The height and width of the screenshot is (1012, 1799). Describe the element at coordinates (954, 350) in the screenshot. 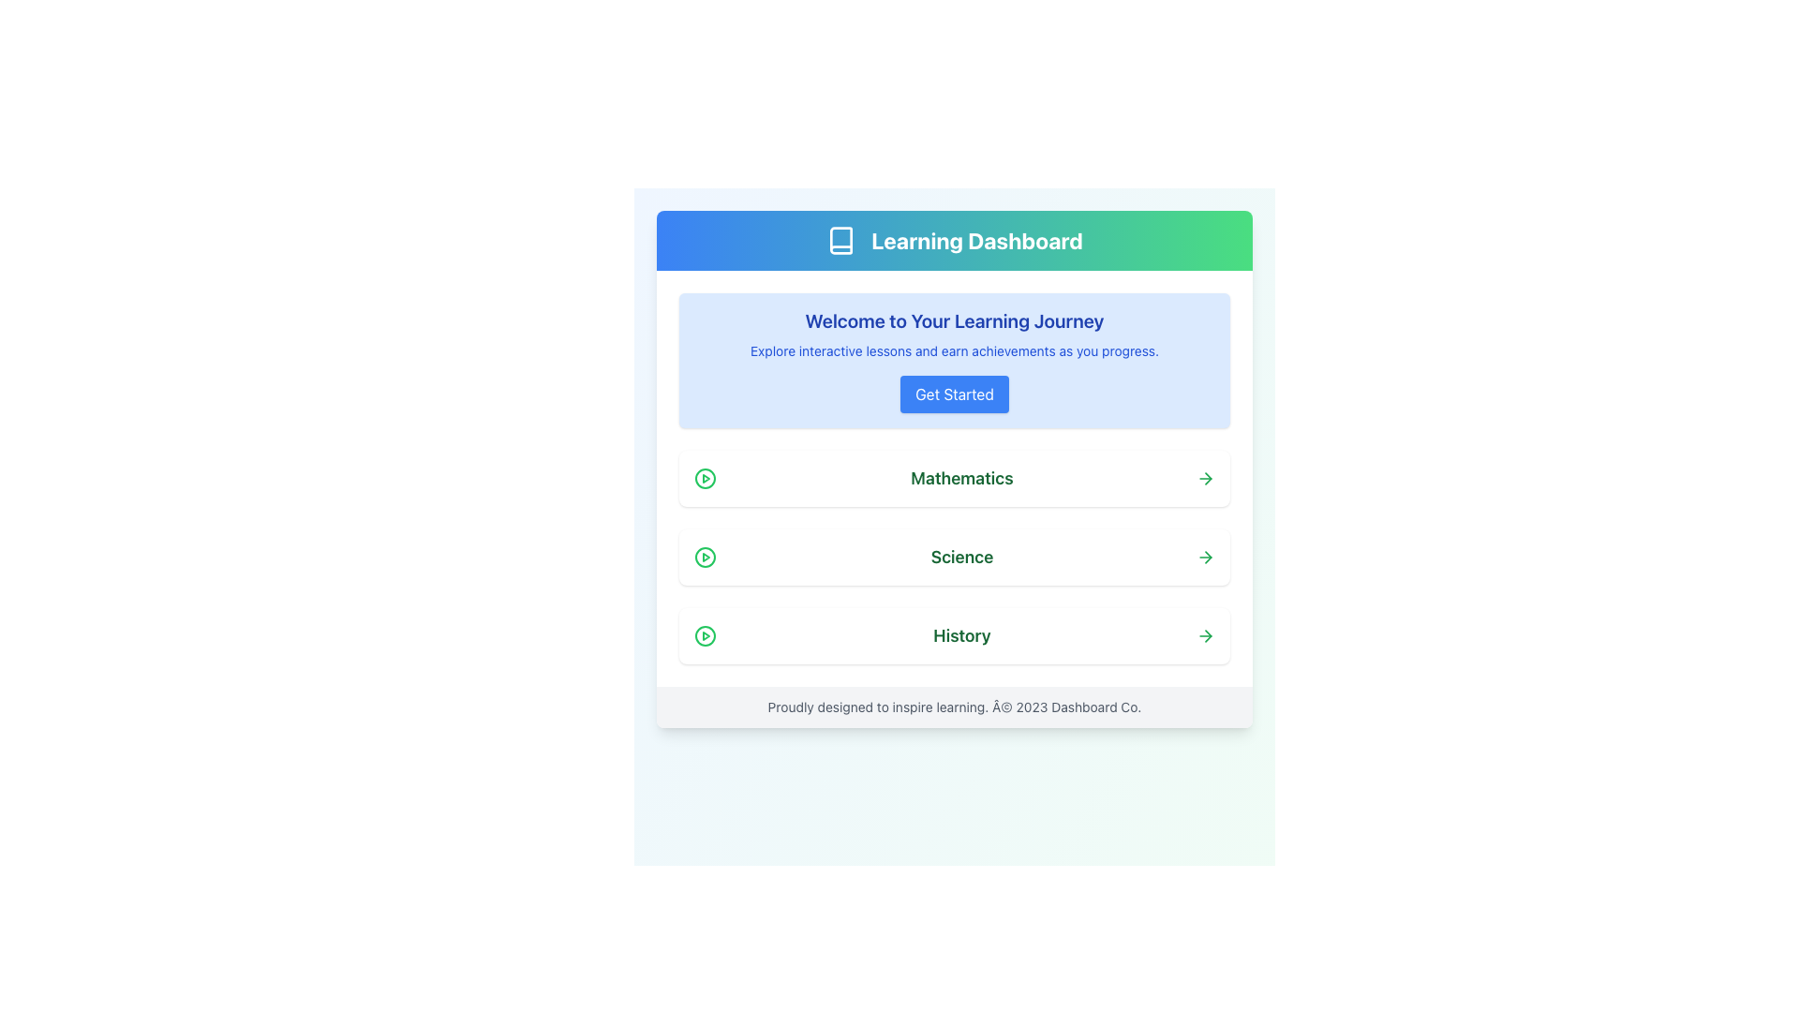

I see `the text element that says 'Explore interactive lessons and earn achievements as you progress.' which is styled in a small blue font and positioned between the header 'Welcome to Your Learning Journey' and the button 'Get Started'` at that location.